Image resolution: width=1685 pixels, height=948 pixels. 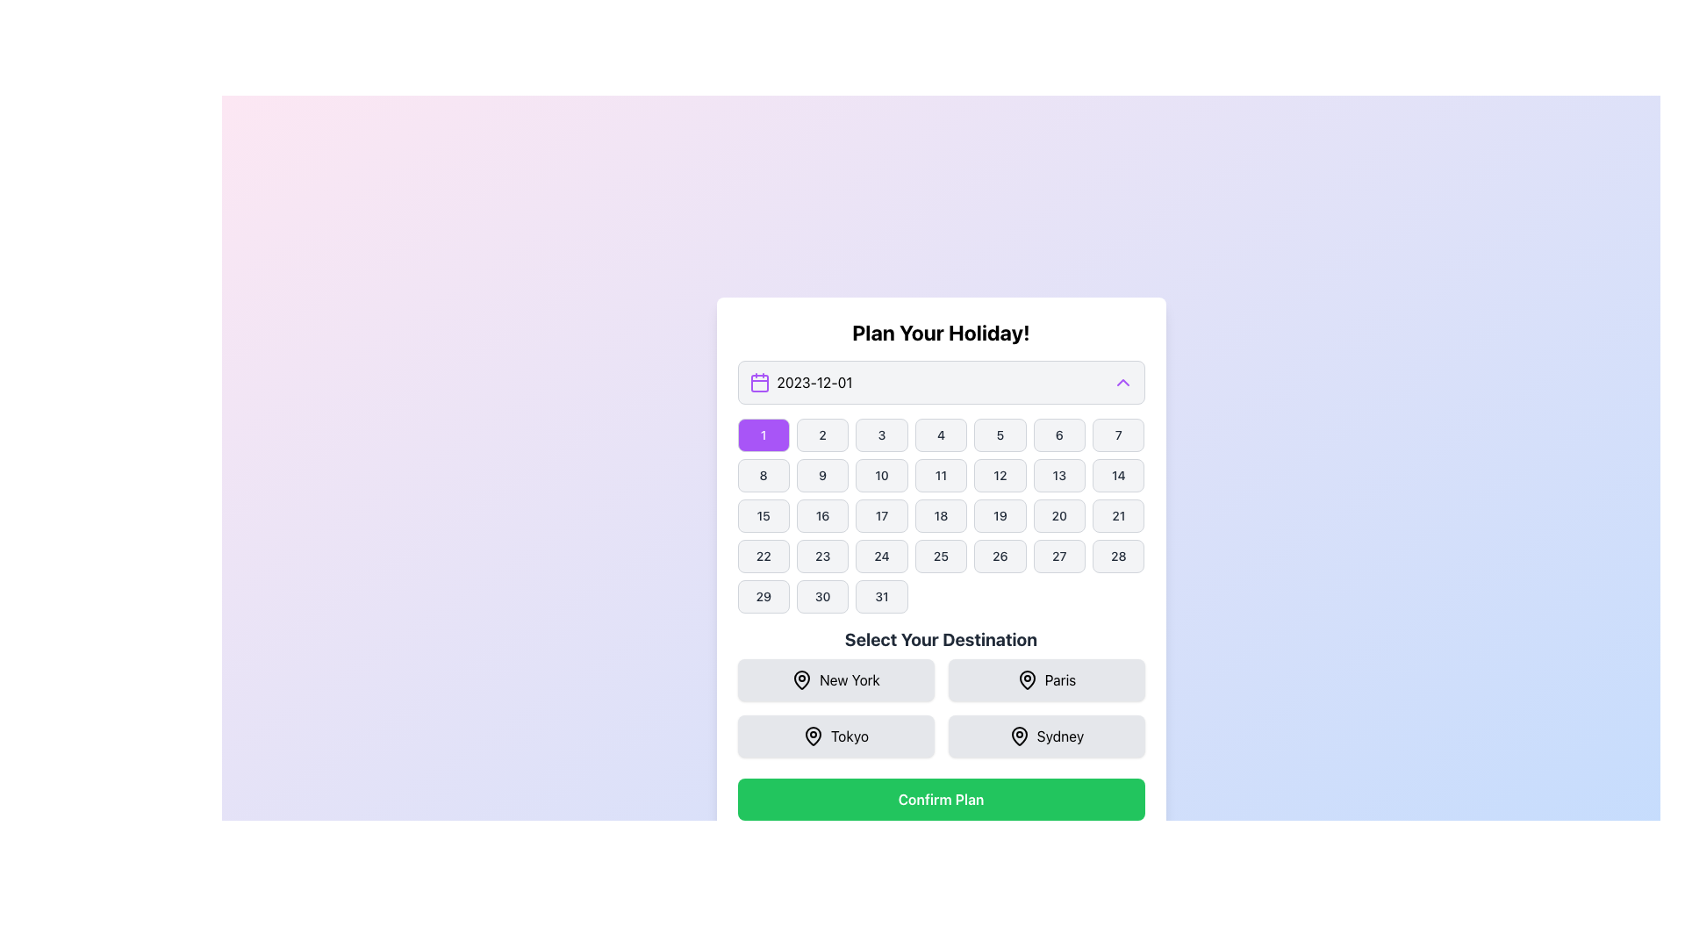 I want to click on the Interactive Button for selecting 'Tokyo' as a destination by highlighting it, so click(x=835, y=736).